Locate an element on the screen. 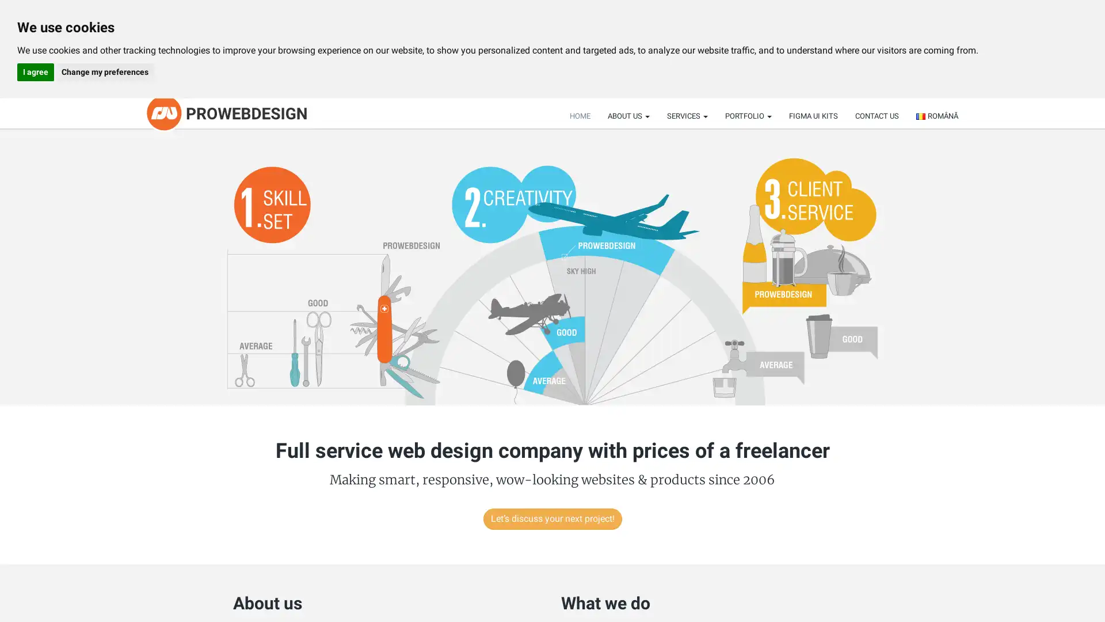 This screenshot has width=1105, height=622. I agree is located at coordinates (36, 72).